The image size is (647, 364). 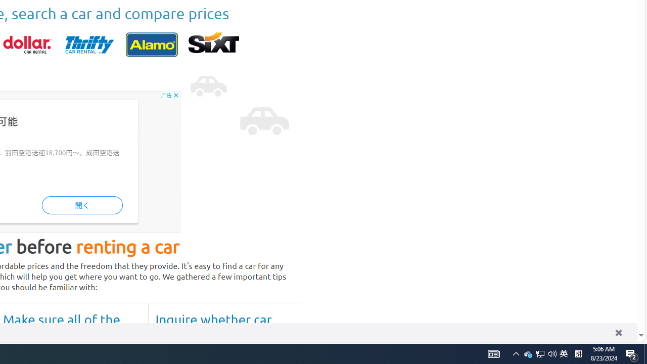 I want to click on 'thrifty', so click(x=89, y=44).